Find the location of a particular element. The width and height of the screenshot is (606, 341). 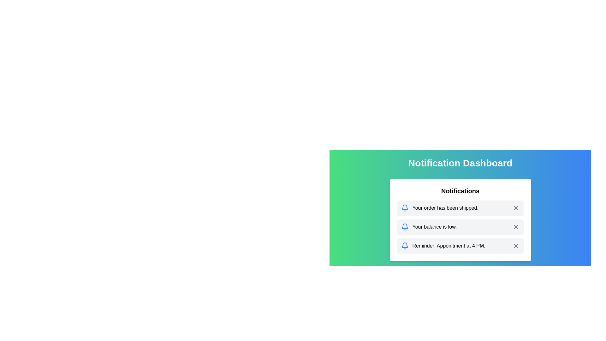

the Notification item that informs the user about their low balance, which is located in the second position of the notification list is located at coordinates (429, 226).